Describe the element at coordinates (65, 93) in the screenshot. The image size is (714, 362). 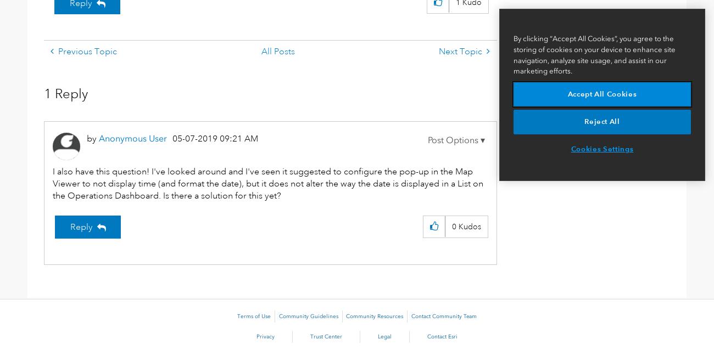
I see `'1 Reply'` at that location.